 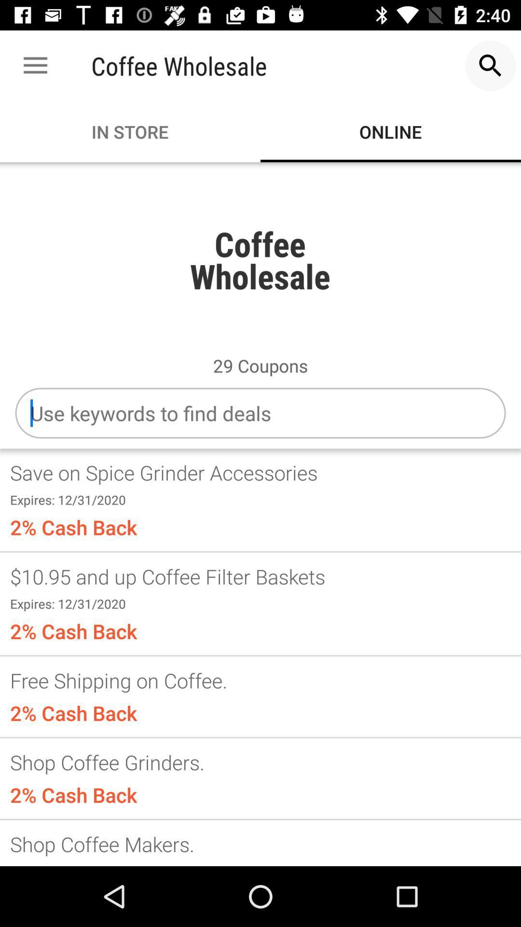 What do you see at coordinates (491, 65) in the screenshot?
I see `icon next to the coffee wholesale icon` at bounding box center [491, 65].